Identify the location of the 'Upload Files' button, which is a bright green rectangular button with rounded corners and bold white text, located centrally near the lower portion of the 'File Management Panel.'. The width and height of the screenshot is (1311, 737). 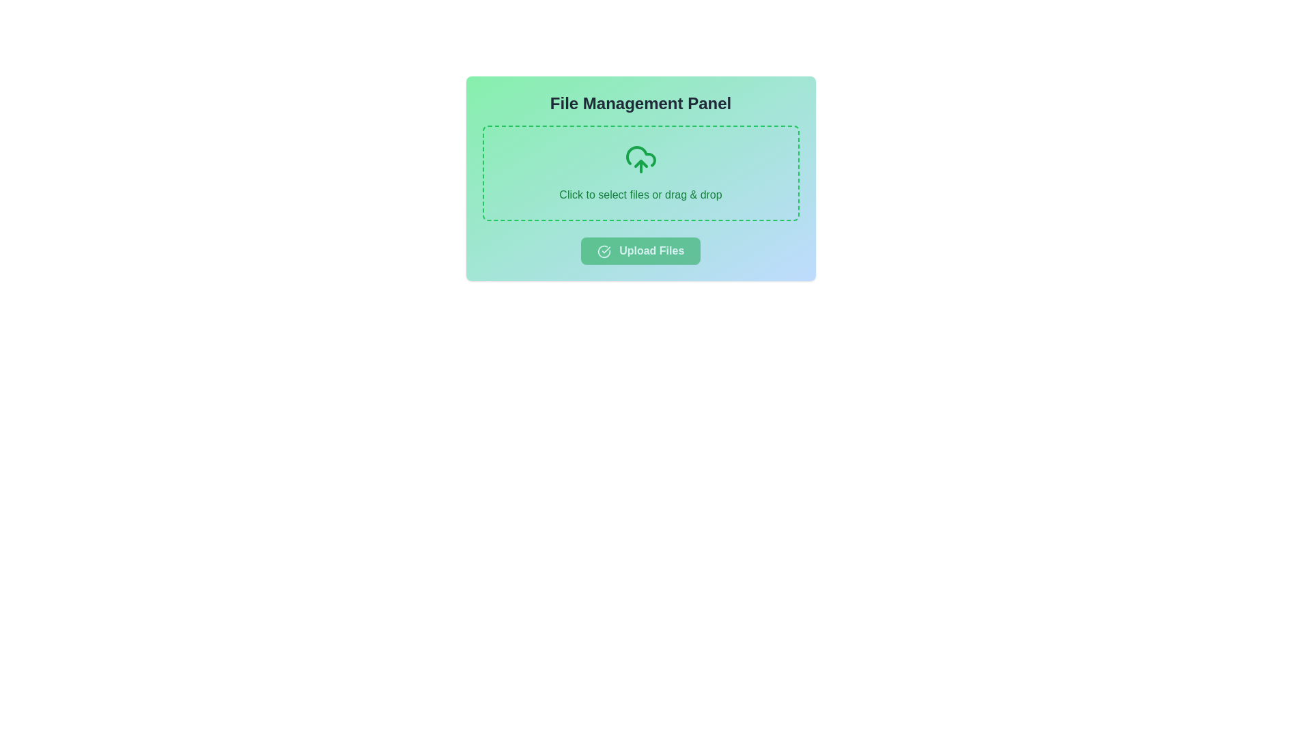
(640, 250).